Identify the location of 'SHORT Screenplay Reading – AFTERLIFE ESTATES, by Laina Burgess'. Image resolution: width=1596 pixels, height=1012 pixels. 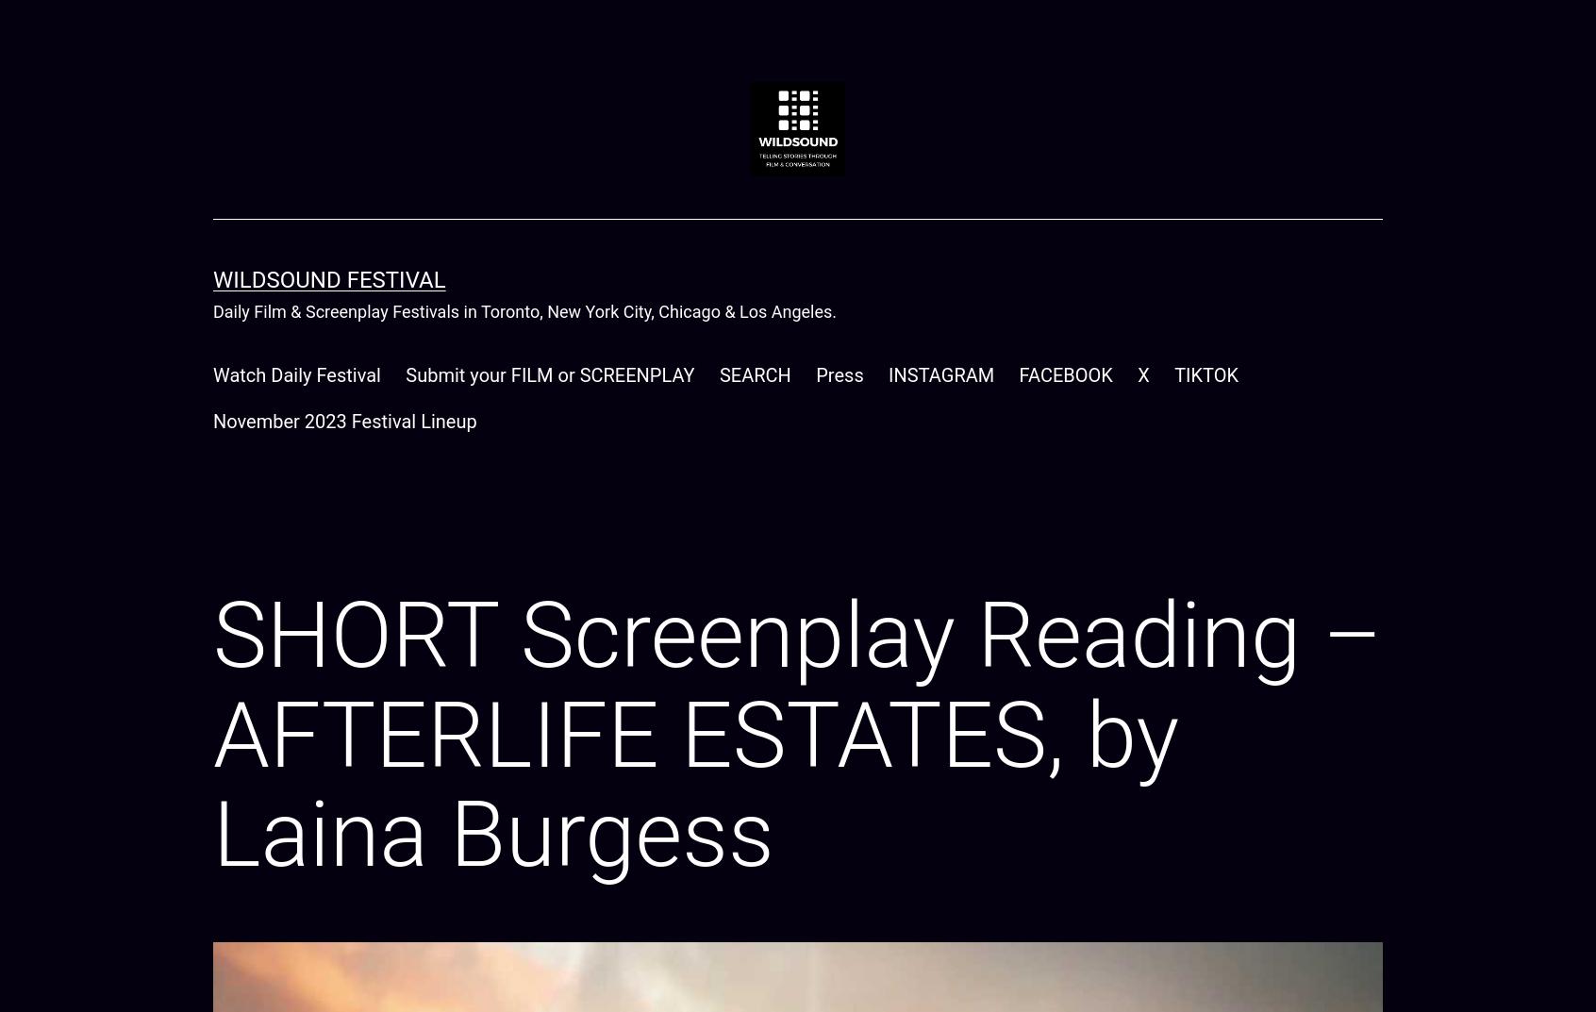
(797, 735).